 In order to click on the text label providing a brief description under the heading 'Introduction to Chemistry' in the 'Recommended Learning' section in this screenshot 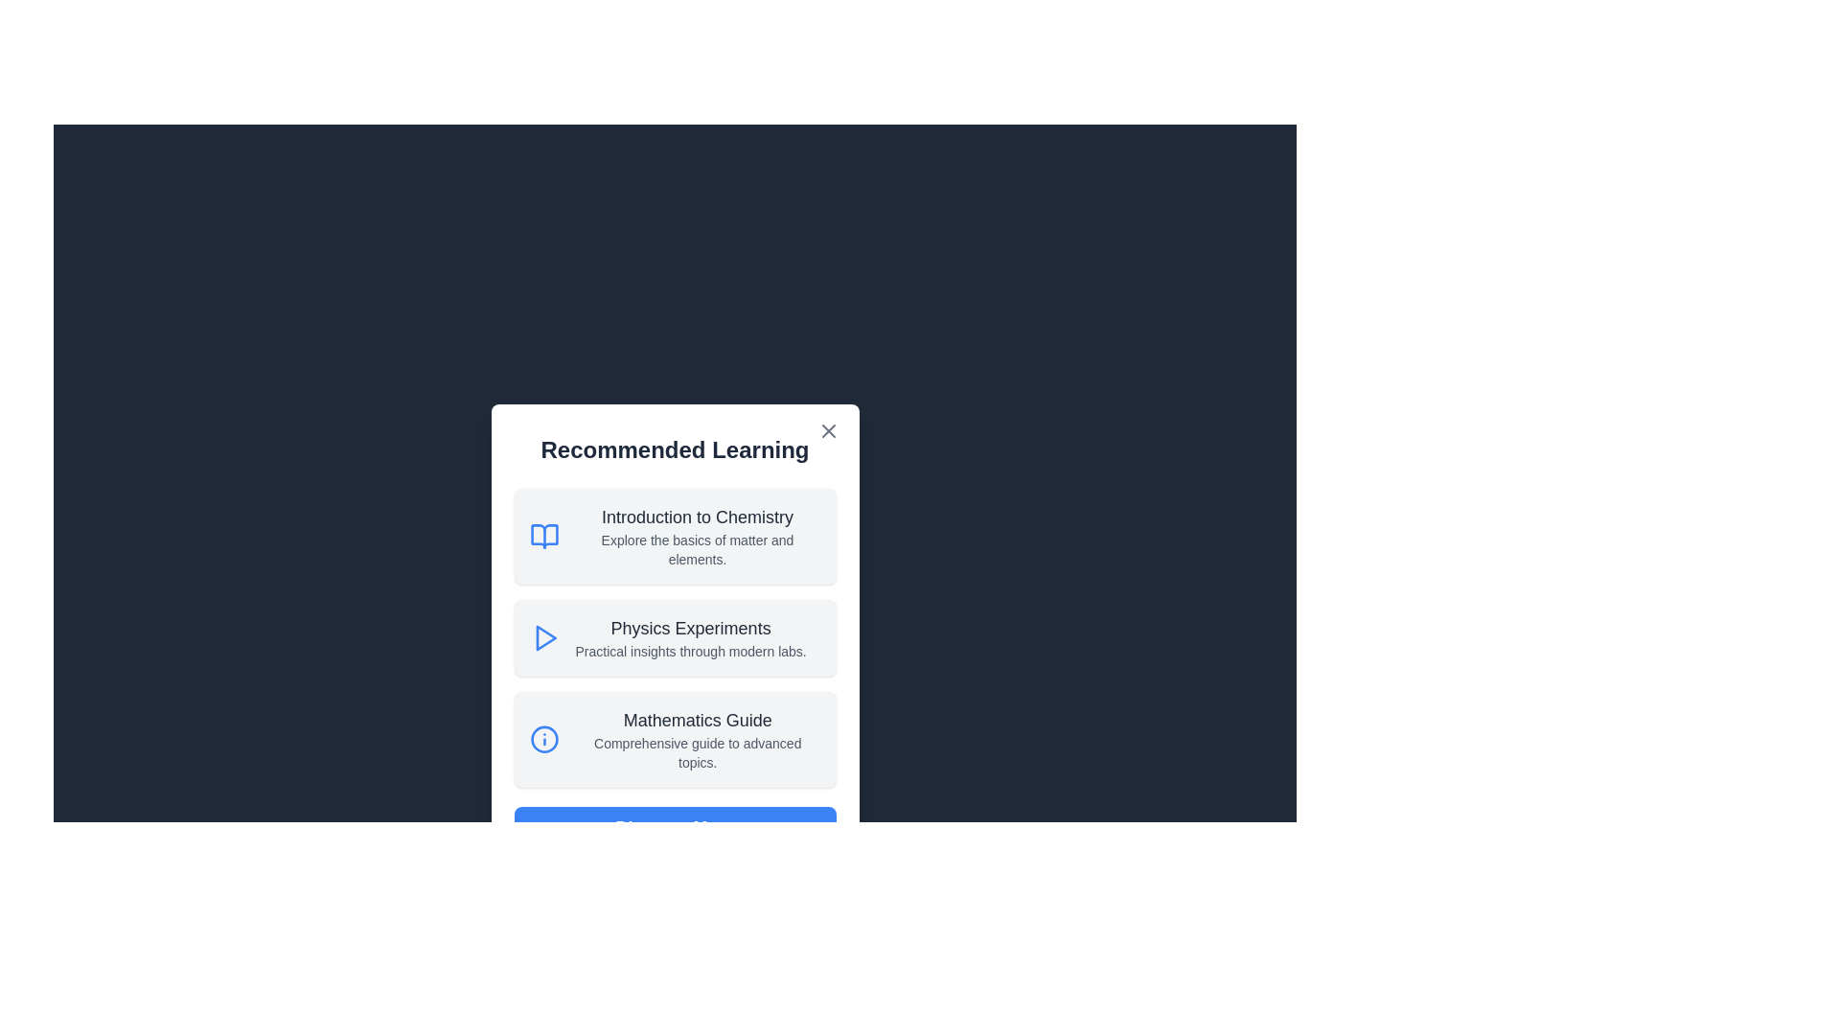, I will do `click(697, 550)`.